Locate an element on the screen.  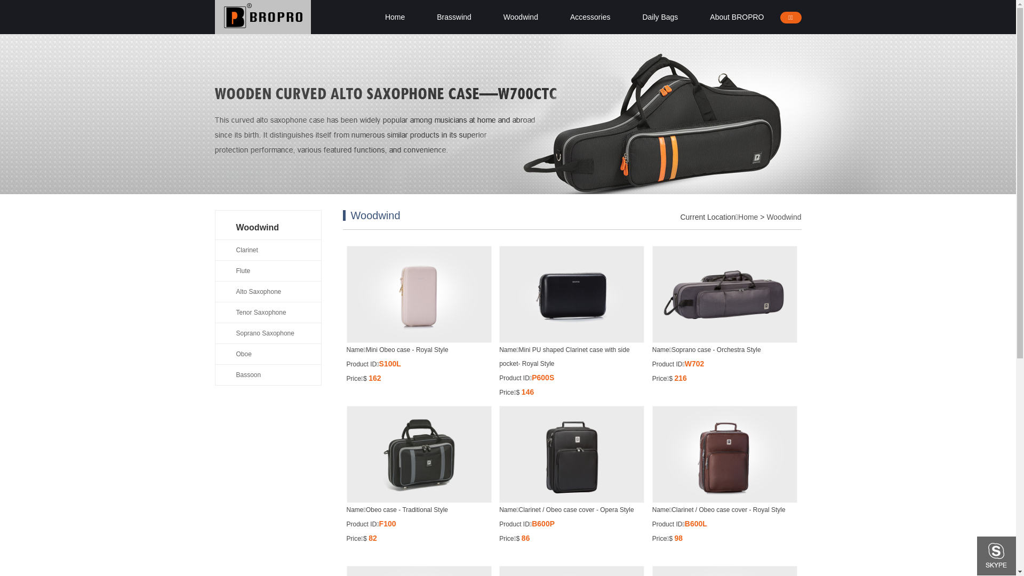
'Home' is located at coordinates (747, 217).